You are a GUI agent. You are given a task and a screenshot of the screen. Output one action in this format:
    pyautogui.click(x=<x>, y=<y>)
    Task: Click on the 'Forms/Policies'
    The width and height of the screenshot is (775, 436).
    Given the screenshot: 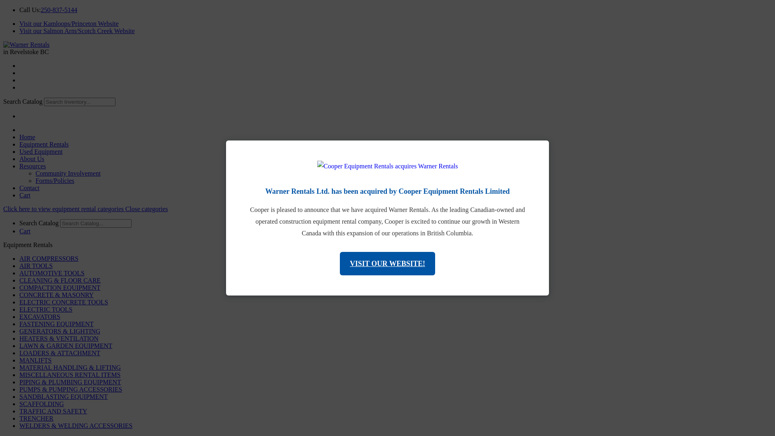 What is the action you would take?
    pyautogui.click(x=54, y=180)
    